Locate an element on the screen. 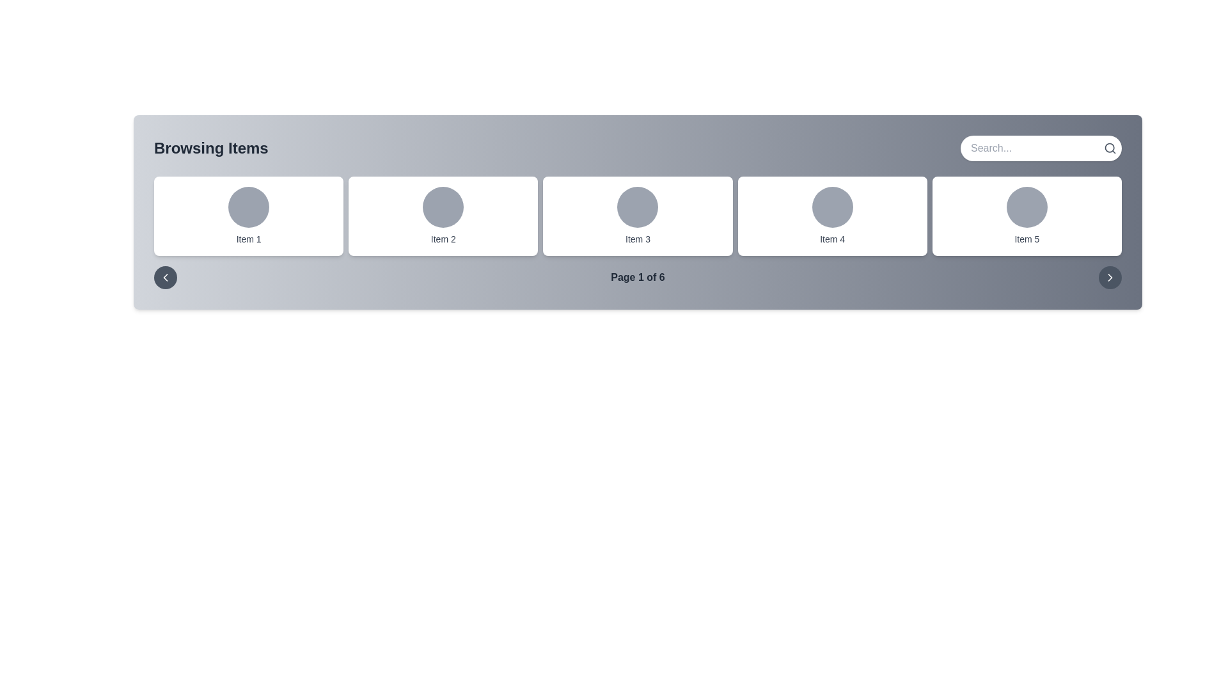 The image size is (1228, 691). the right-facing arrow icon located at the bottom-right corner of the panel is located at coordinates (1110, 277).